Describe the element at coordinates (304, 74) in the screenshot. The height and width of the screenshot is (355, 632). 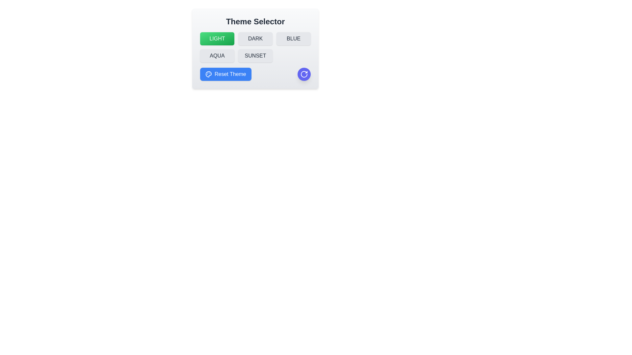
I see `rotate button to cycle to the next theme` at that location.